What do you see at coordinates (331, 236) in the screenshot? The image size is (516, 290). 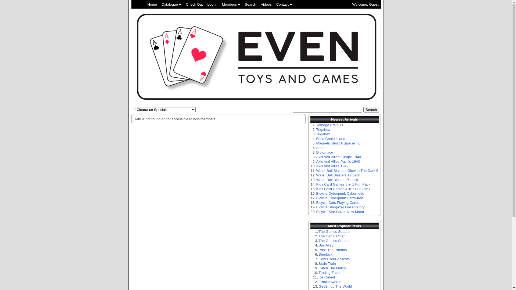 I see `'The Genius Star'` at bounding box center [331, 236].